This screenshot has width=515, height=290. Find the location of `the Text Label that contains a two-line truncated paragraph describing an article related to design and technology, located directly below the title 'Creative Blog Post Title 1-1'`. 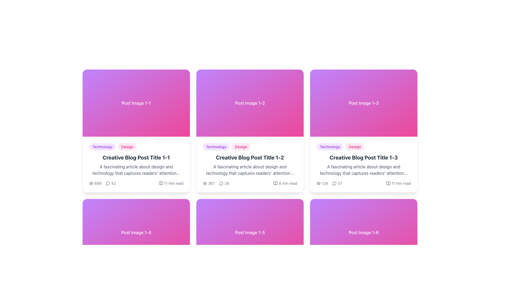

the Text Label that contains a two-line truncated paragraph describing an article related to design and technology, located directly below the title 'Creative Blog Post Title 1-1' is located at coordinates (136, 170).